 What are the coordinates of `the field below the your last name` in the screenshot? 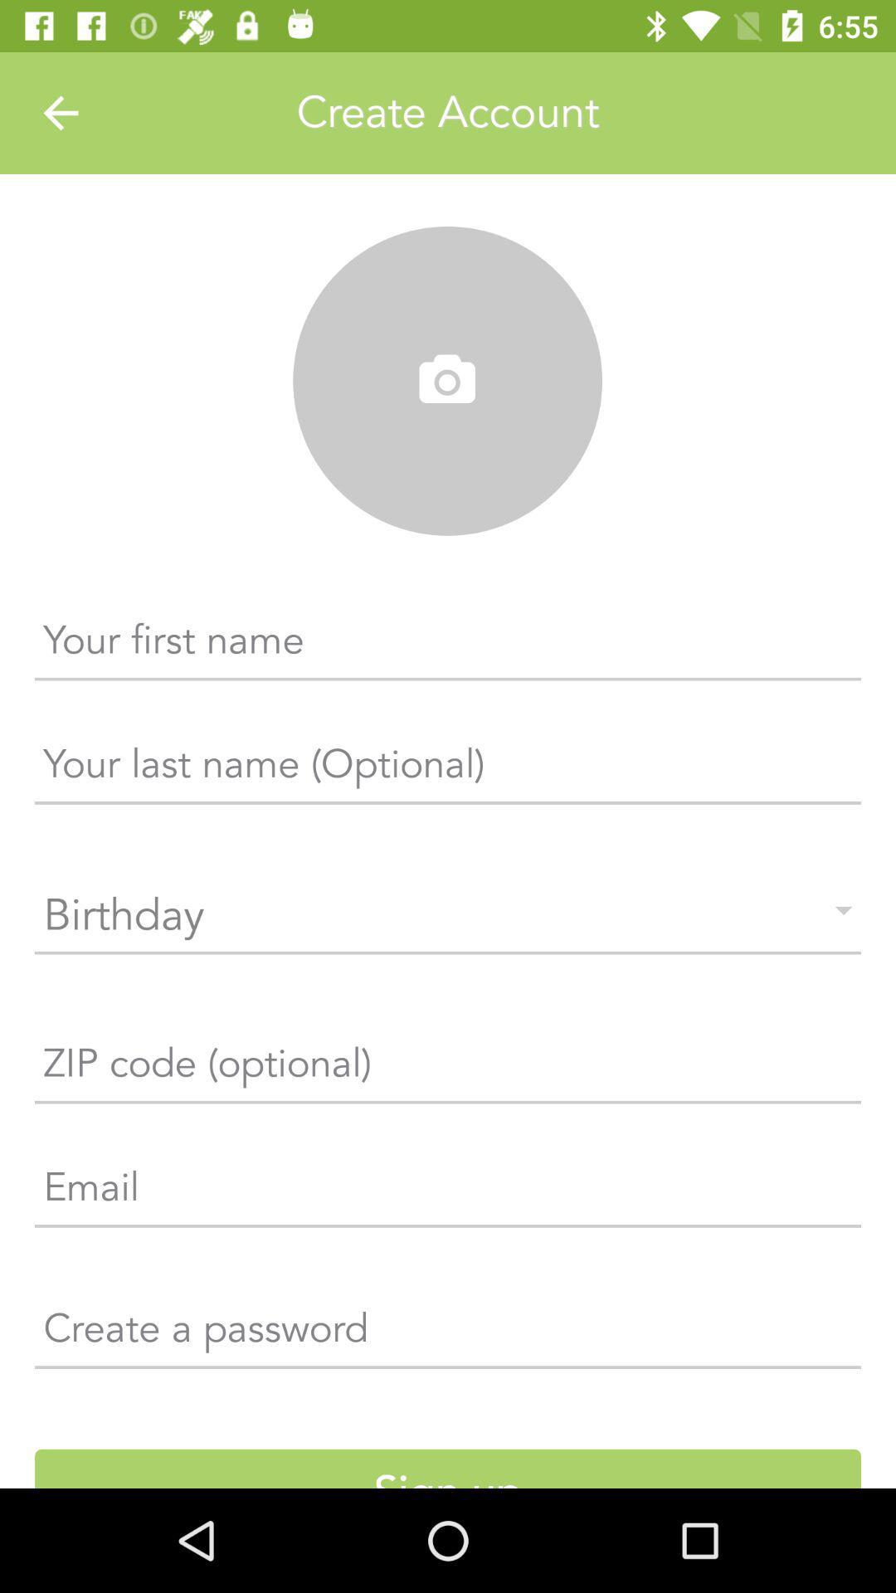 It's located at (448, 915).